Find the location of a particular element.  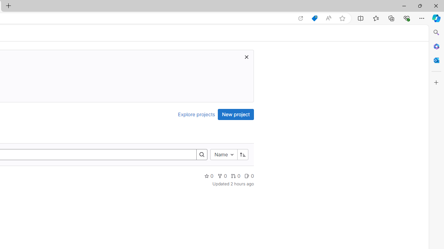

'Dismiss trial promotion' is located at coordinates (247, 56).